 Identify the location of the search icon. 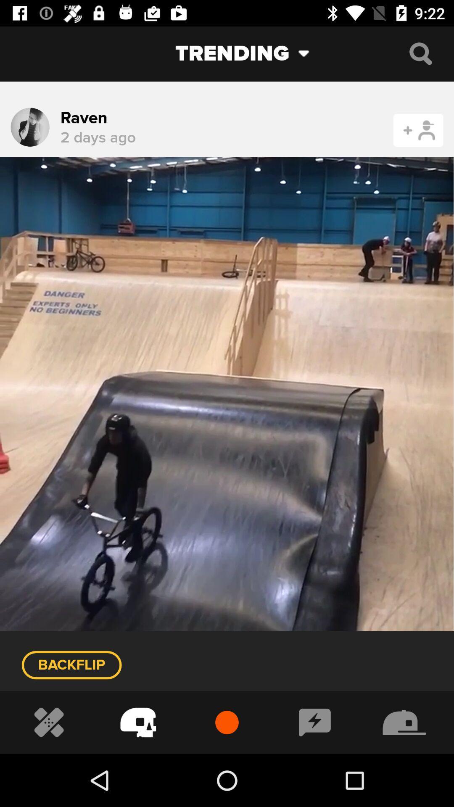
(420, 53).